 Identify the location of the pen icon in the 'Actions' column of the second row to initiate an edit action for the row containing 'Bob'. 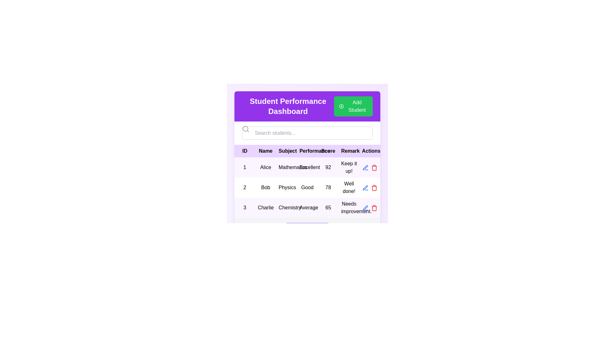
(365, 167).